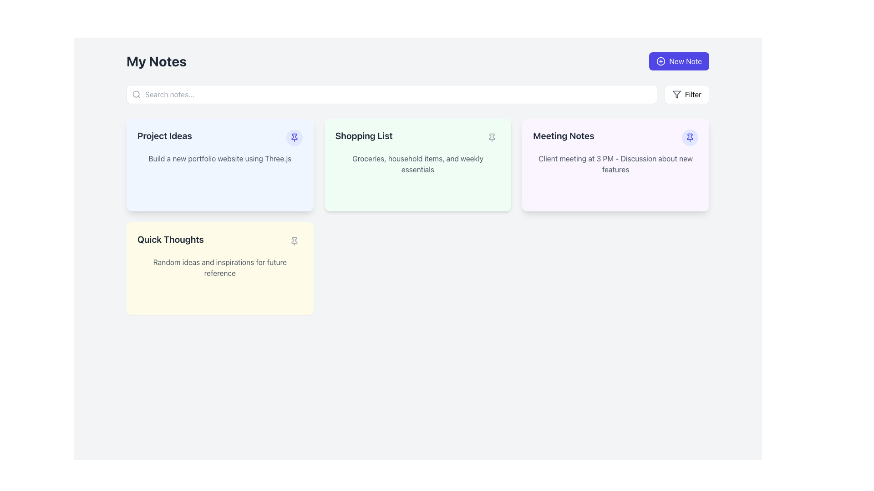  Describe the element at coordinates (220, 268) in the screenshot. I see `the 'Quick Thoughts' card component, which is a rectangular card with a light yellow background and a bold title at the top left, to interact with it` at that location.